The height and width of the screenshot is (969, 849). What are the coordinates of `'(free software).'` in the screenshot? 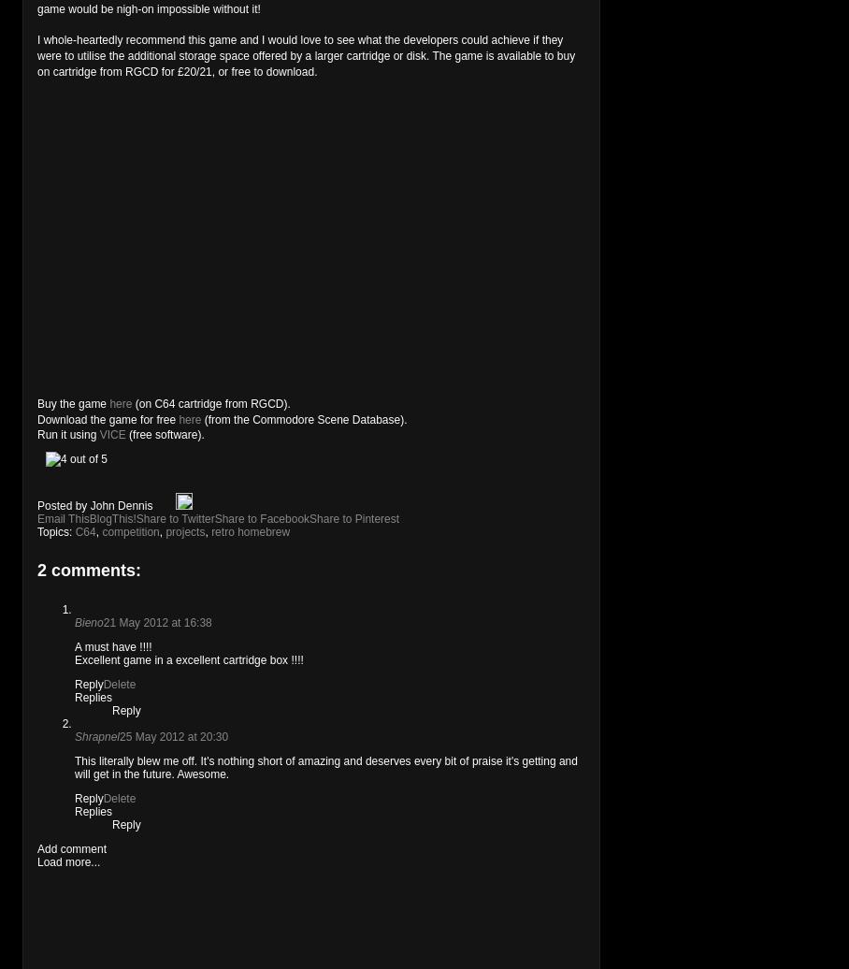 It's located at (163, 434).